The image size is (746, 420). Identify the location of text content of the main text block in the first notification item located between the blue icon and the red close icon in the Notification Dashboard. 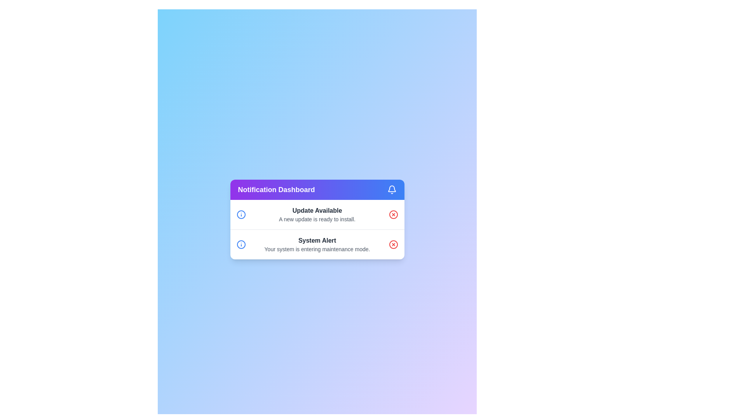
(317, 214).